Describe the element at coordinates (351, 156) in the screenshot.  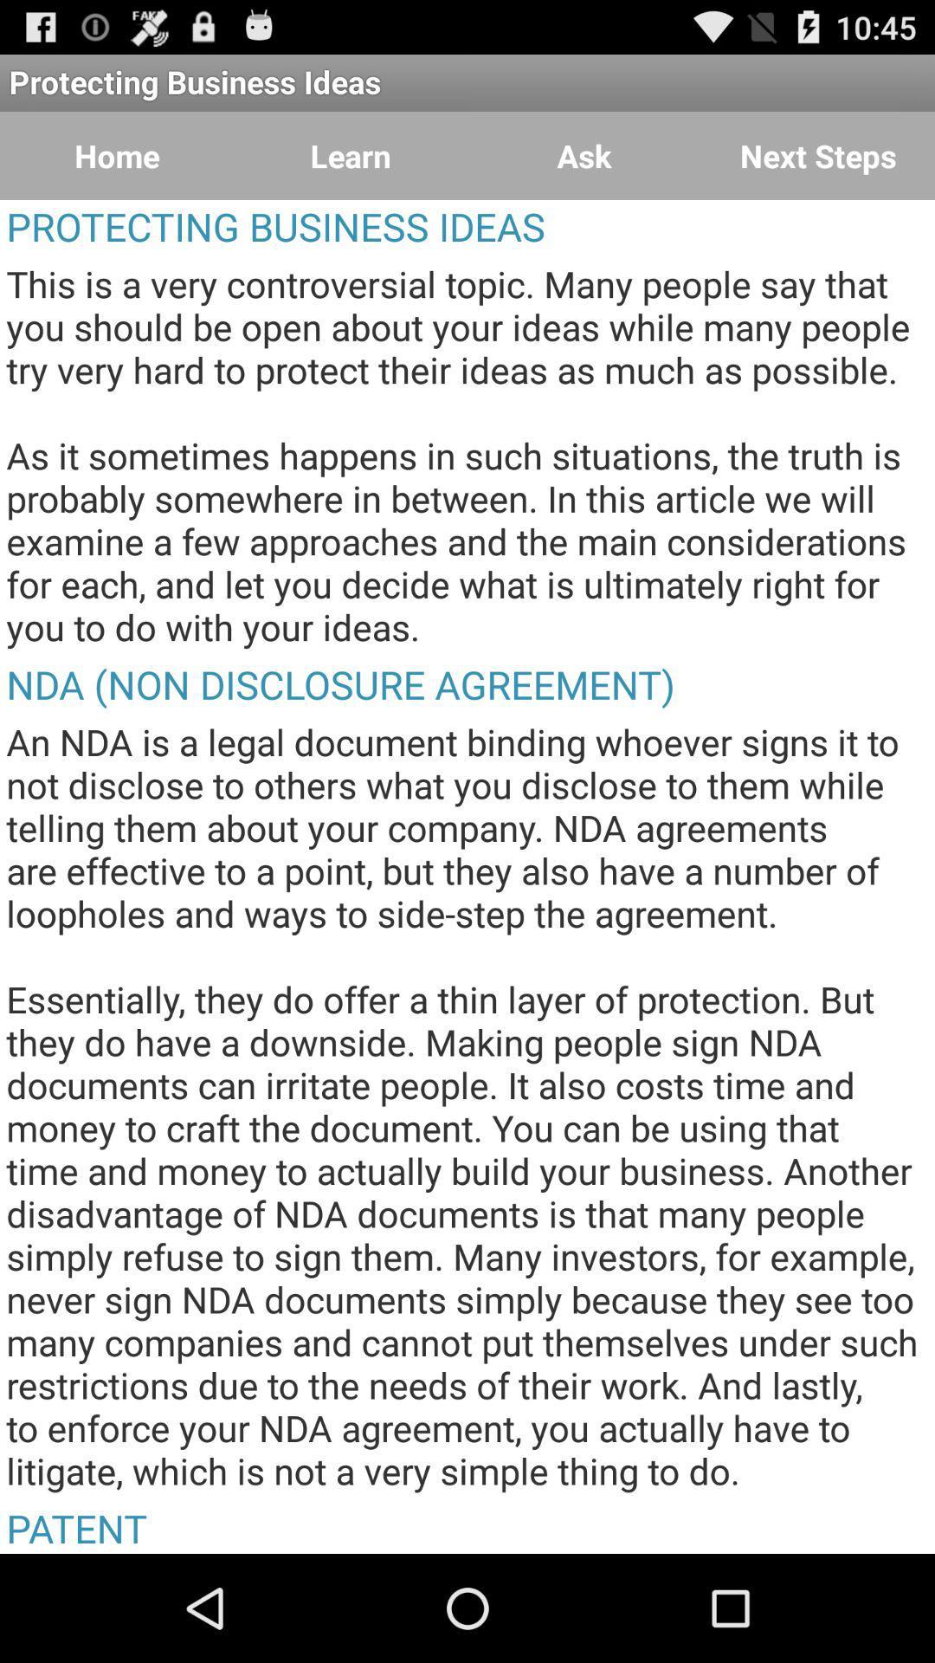
I see `learn button` at that location.